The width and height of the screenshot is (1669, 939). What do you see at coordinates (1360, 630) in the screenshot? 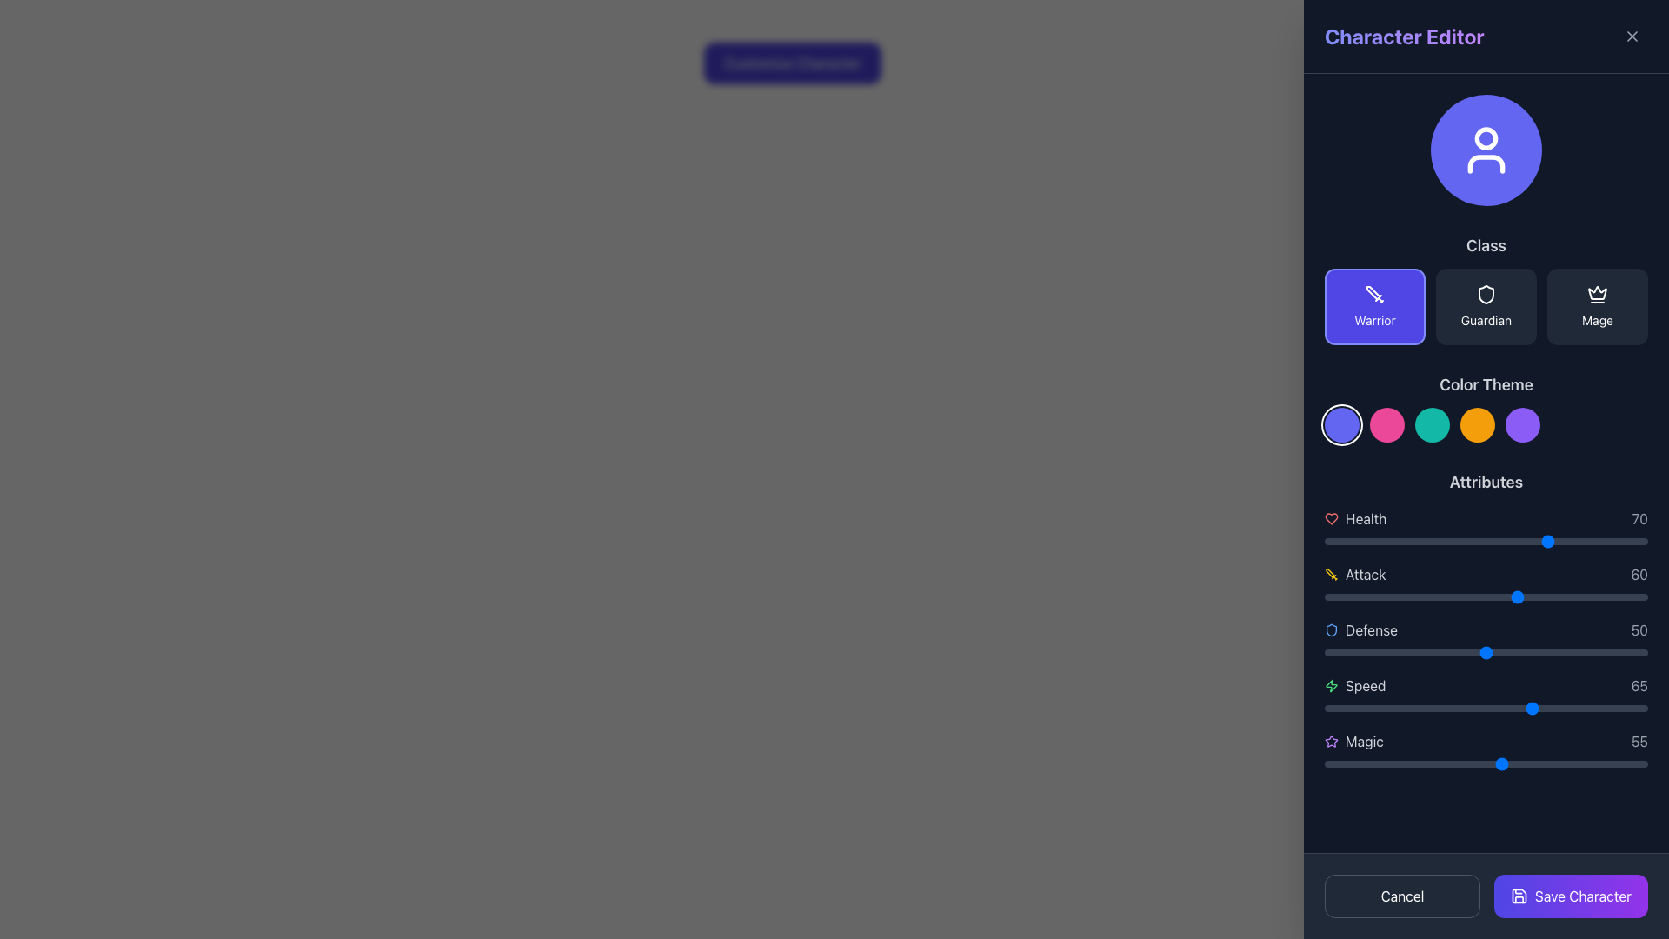
I see `the 'Defense' attribute label with icon located in the 'Attributes' section of the 'Character Editor', specifically the third element from the top among the attributes listed` at bounding box center [1360, 630].